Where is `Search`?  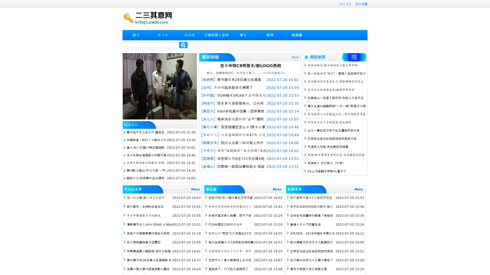
Search is located at coordinates (183, 45).